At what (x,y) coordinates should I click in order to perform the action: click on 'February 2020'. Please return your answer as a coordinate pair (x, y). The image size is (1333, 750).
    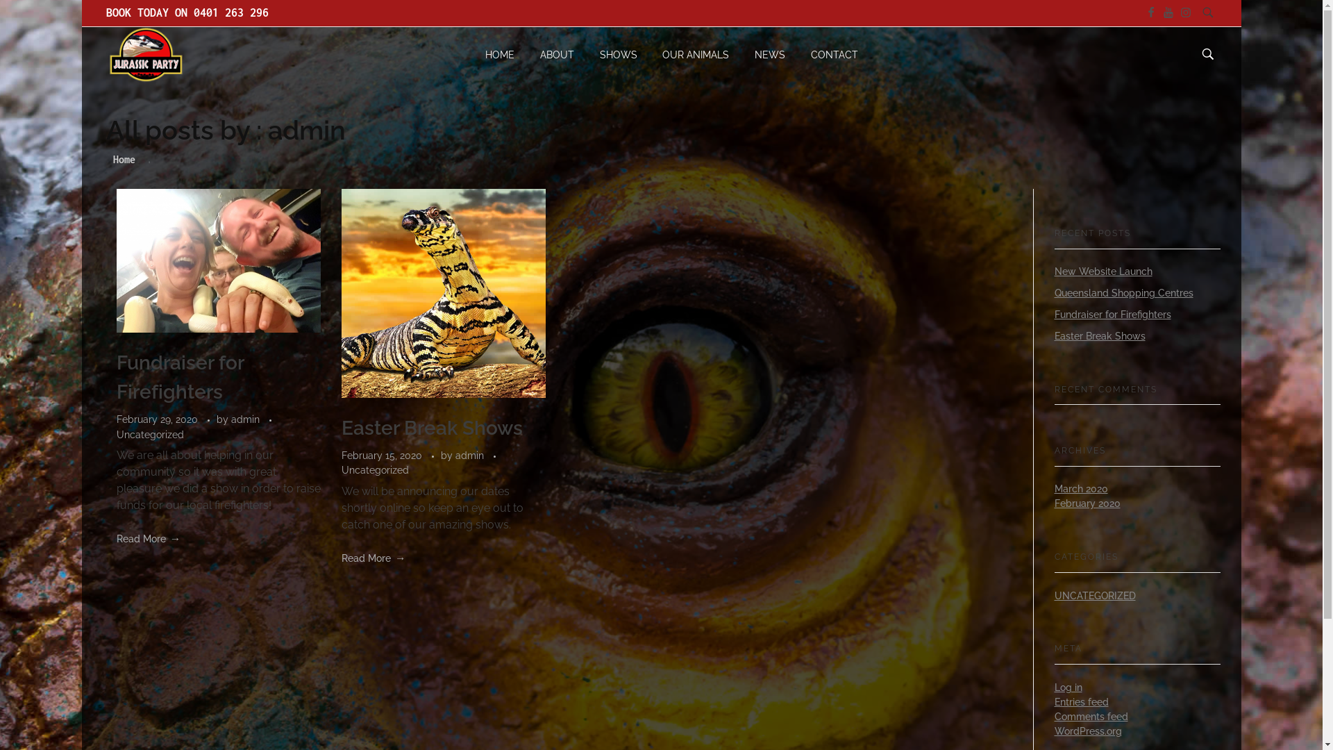
    Looking at the image, I should click on (1053, 503).